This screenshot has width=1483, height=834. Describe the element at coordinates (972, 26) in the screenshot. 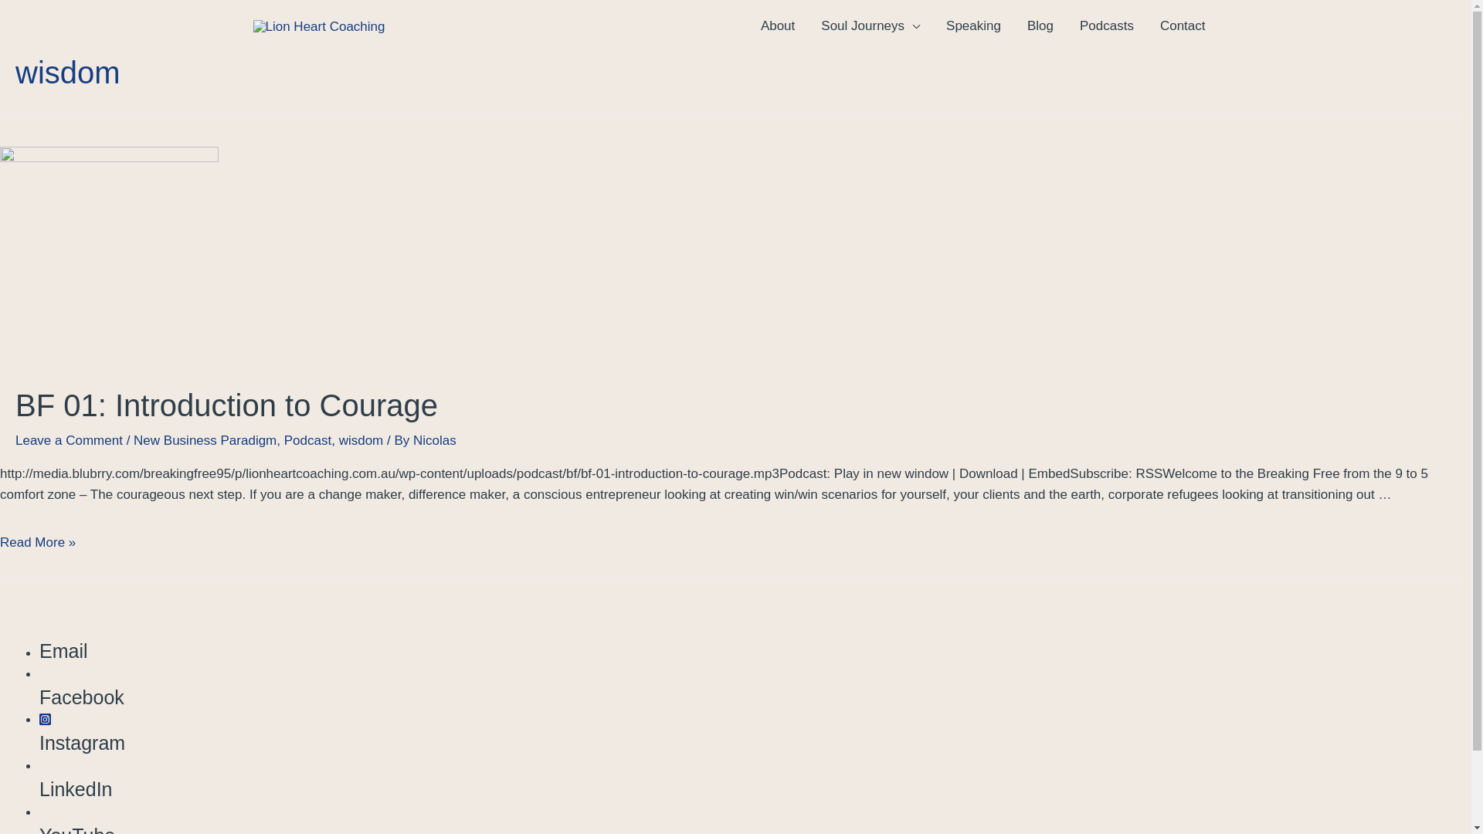

I see `'Speaking'` at that location.